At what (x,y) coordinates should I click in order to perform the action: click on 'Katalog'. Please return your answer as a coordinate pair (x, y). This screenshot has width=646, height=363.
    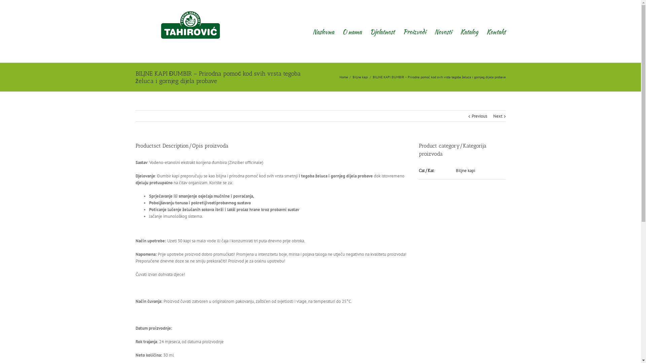
    Looking at the image, I should click on (469, 31).